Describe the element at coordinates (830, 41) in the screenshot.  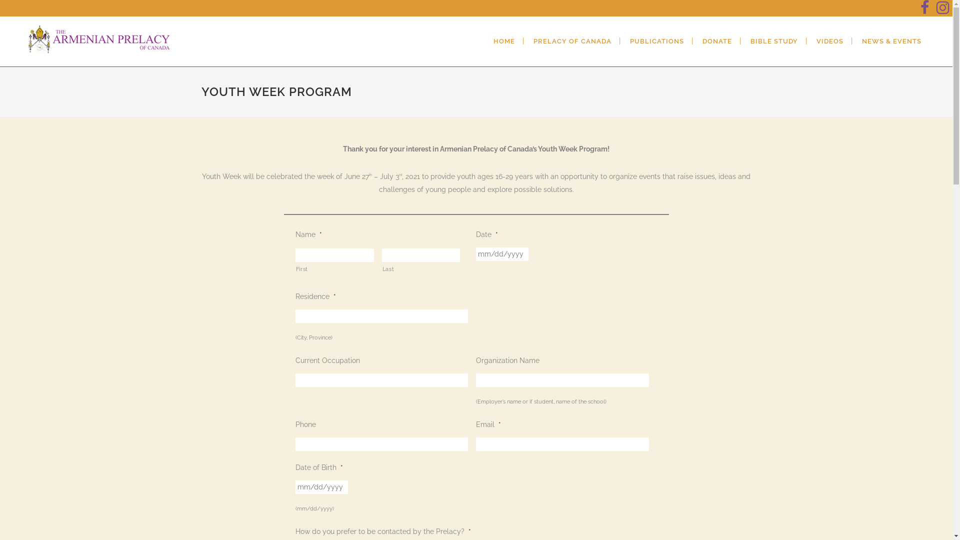
I see `'VIDEOS'` at that location.